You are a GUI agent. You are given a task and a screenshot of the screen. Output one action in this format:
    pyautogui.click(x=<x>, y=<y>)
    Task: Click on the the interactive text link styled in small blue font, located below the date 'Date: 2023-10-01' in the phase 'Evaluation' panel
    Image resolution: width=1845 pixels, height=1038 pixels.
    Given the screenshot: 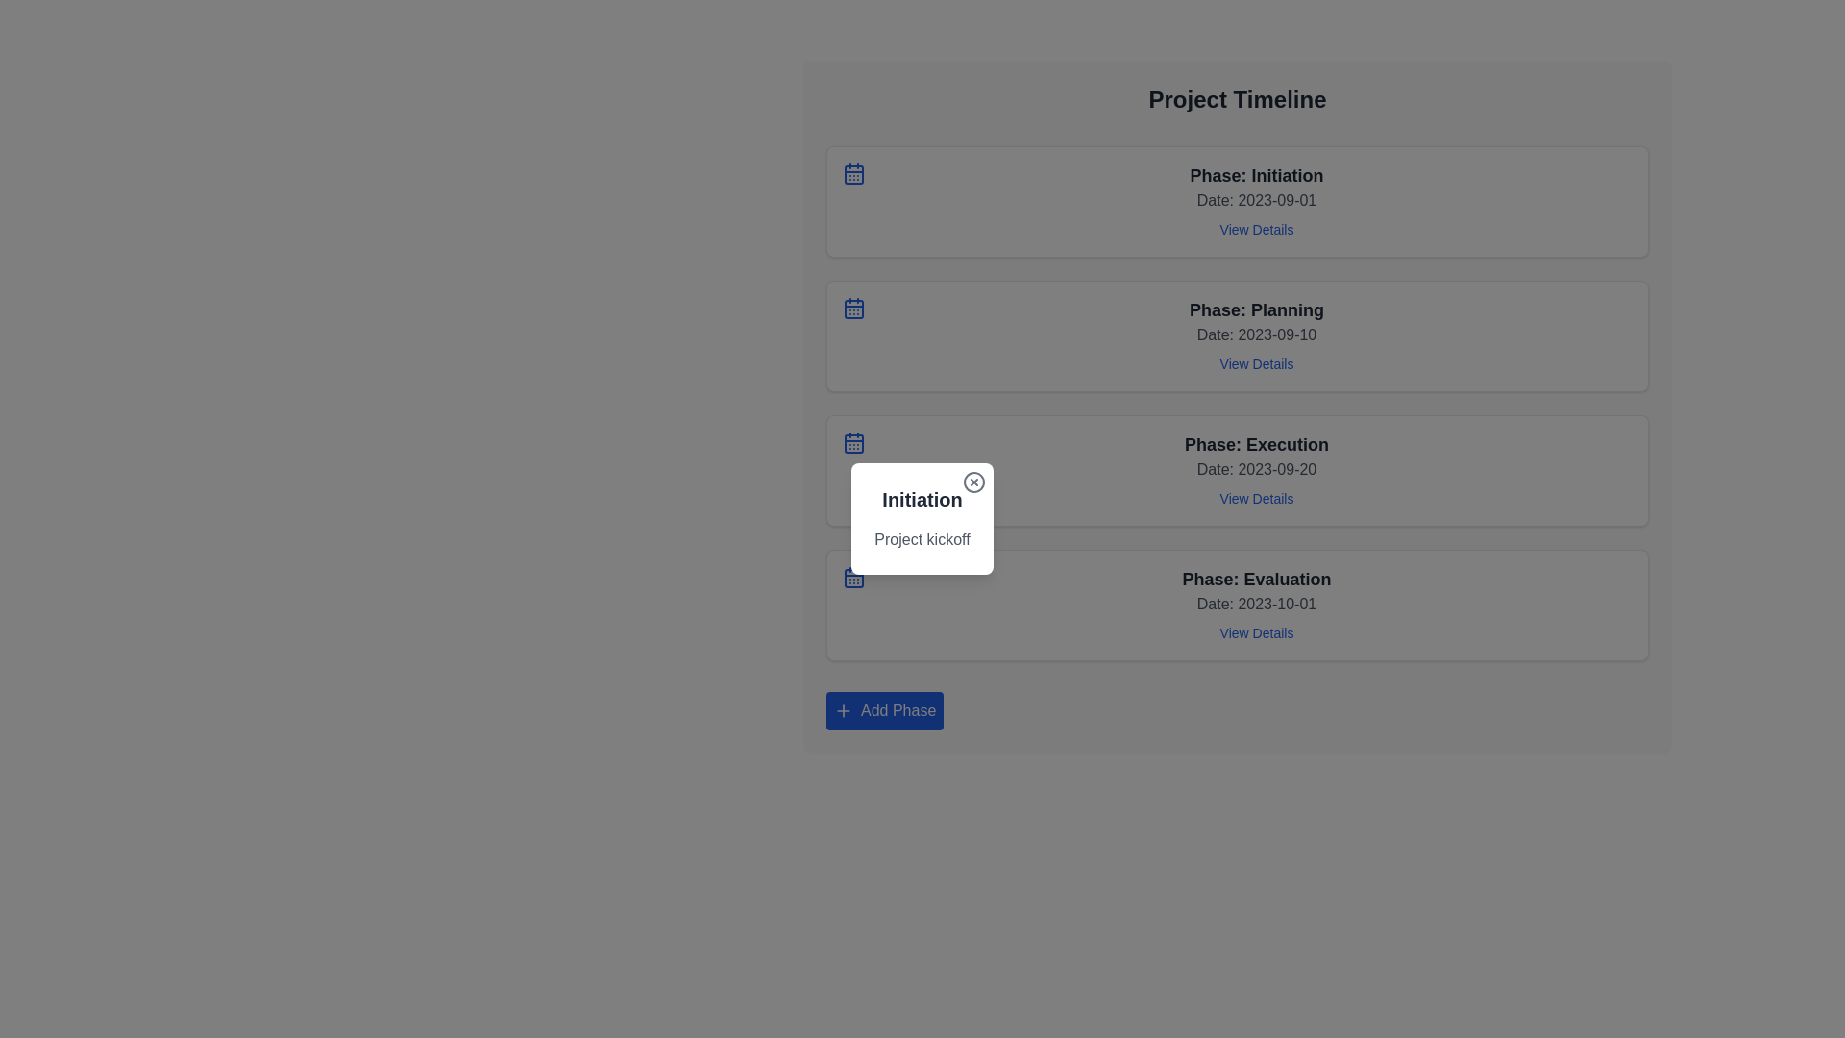 What is the action you would take?
    pyautogui.click(x=1257, y=633)
    